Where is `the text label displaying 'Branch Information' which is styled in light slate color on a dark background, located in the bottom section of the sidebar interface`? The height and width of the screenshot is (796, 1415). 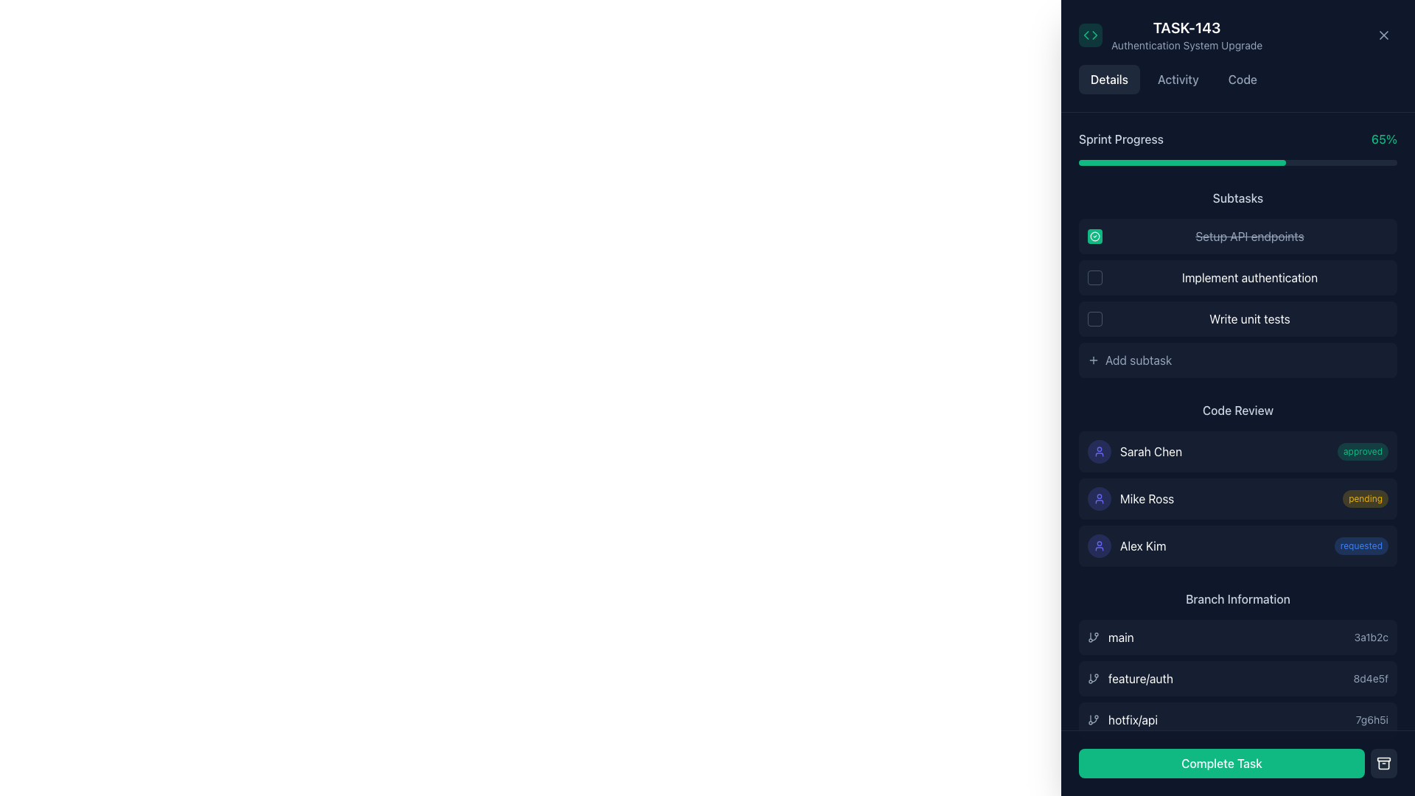 the text label displaying 'Branch Information' which is styled in light slate color on a dark background, located in the bottom section of the sidebar interface is located at coordinates (1238, 599).